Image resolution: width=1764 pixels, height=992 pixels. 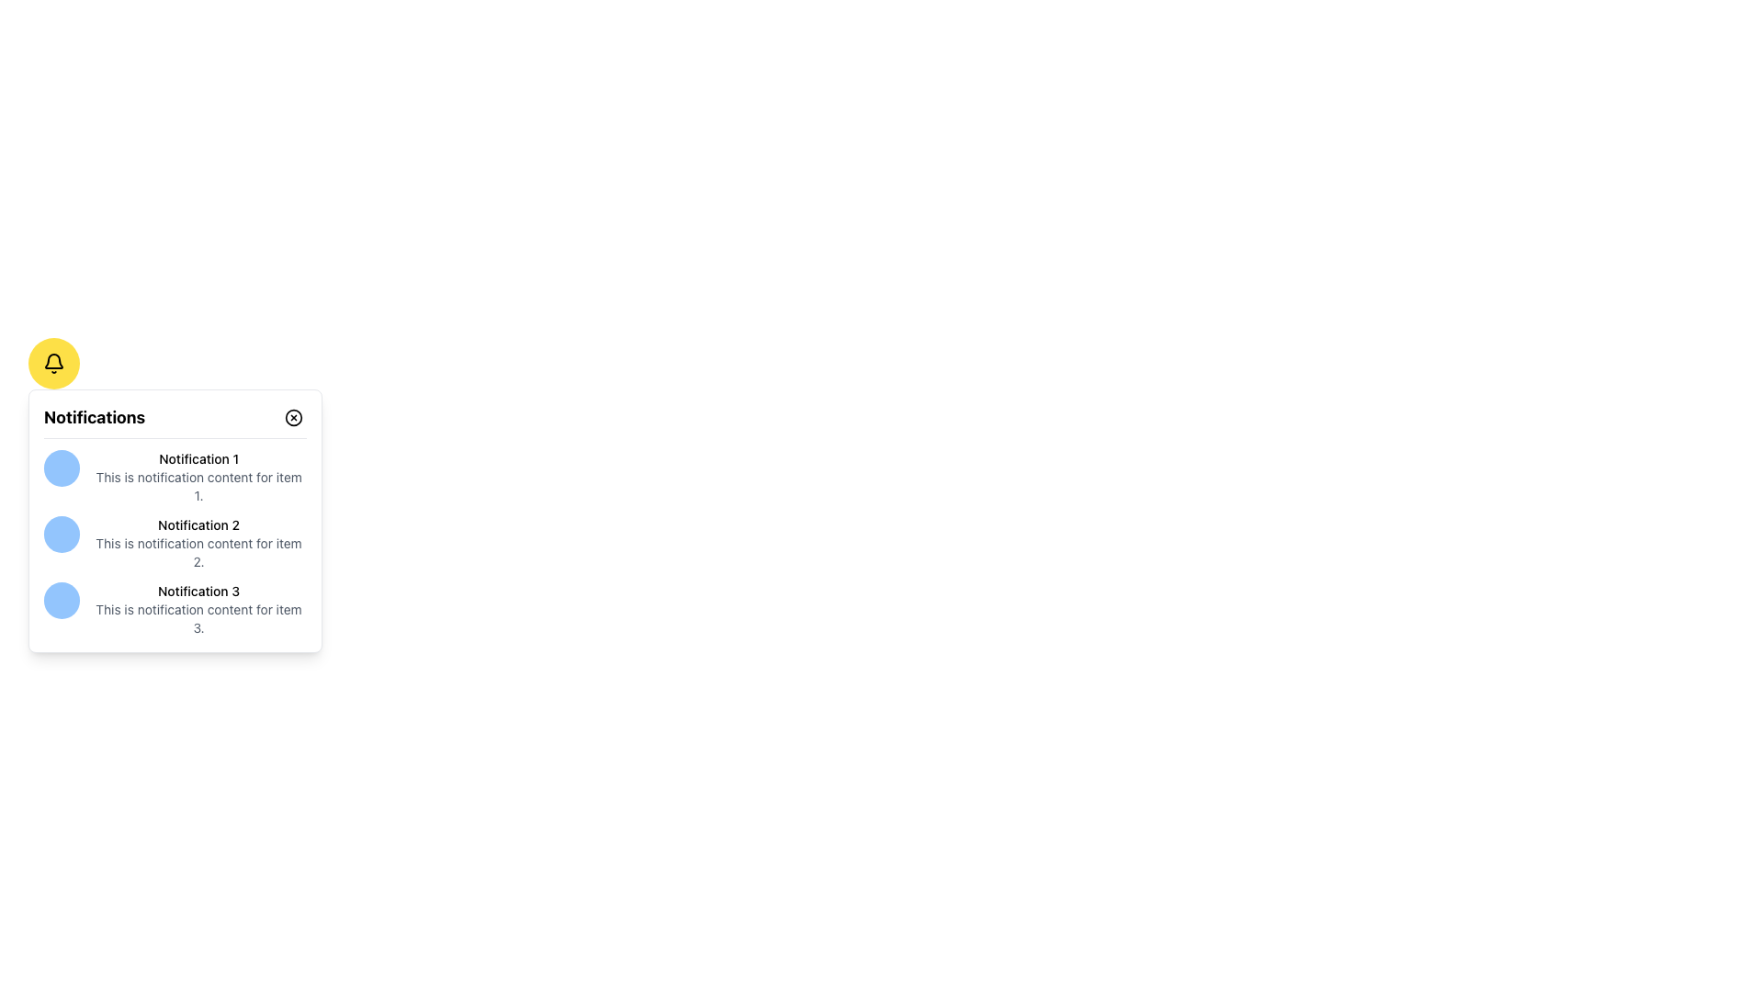 What do you see at coordinates (198, 619) in the screenshot?
I see `content displayed in the Text Display for 'Notification 3', which is located directly below the title text of the notification` at bounding box center [198, 619].